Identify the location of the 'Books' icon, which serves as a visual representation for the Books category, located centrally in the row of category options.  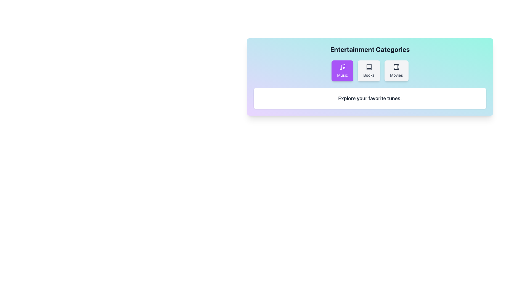
(369, 67).